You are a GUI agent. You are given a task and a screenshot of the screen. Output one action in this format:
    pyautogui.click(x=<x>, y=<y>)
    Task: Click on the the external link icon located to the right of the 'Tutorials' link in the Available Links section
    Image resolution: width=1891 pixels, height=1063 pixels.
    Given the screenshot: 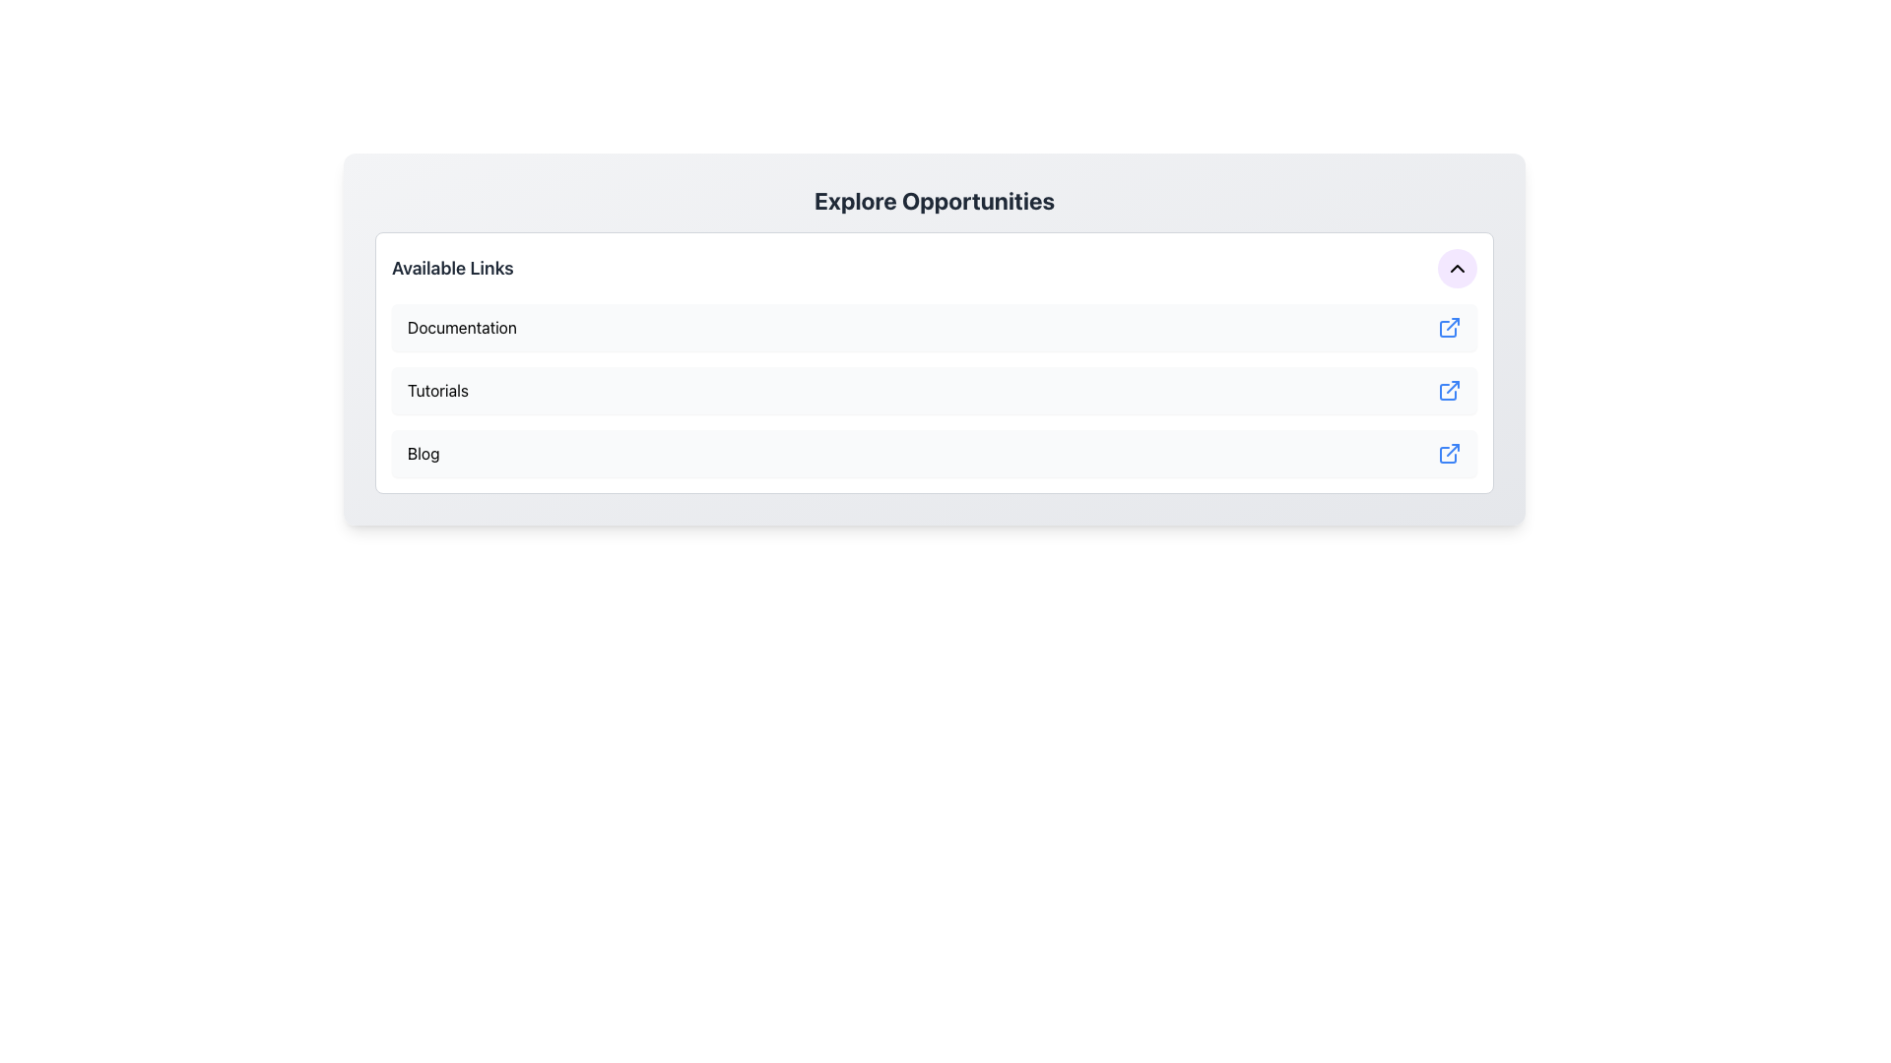 What is the action you would take?
    pyautogui.click(x=1453, y=387)
    